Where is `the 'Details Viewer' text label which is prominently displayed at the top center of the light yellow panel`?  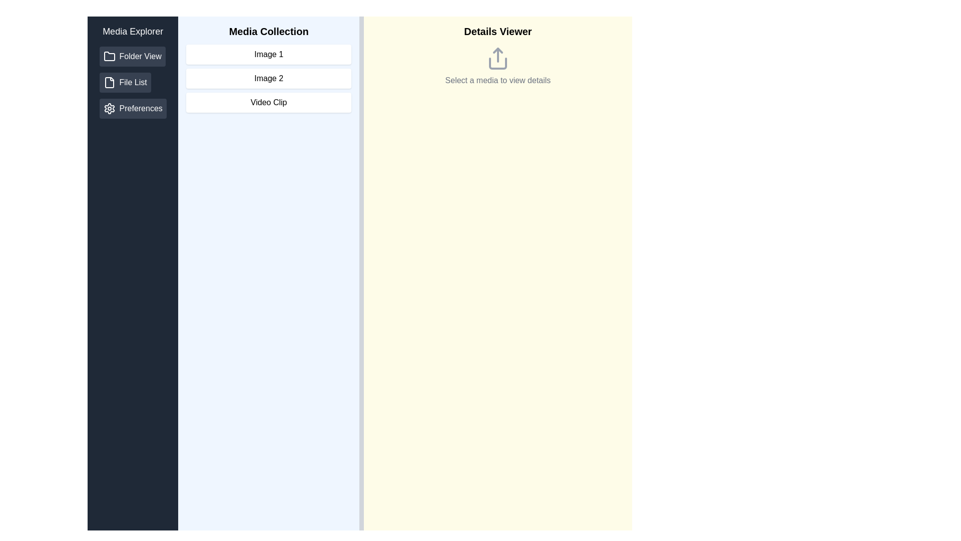 the 'Details Viewer' text label which is prominently displayed at the top center of the light yellow panel is located at coordinates (498, 31).